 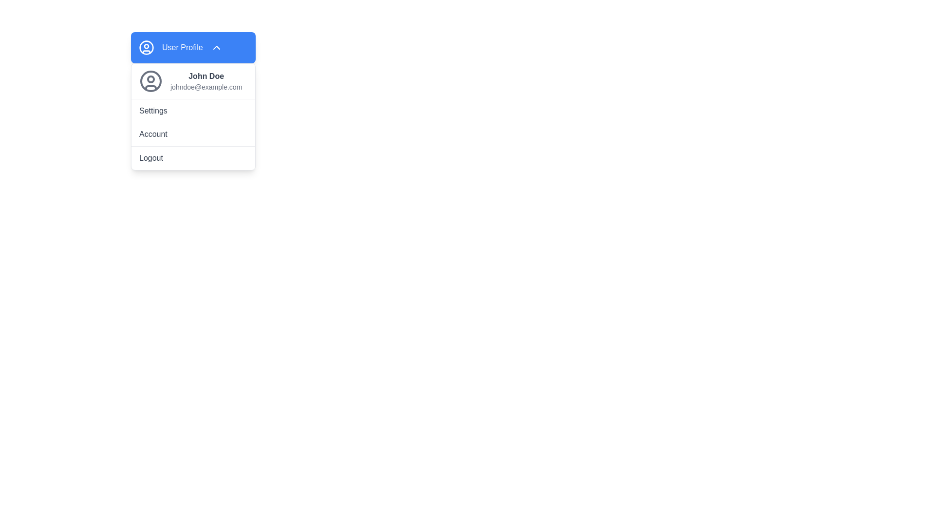 What do you see at coordinates (146, 47) in the screenshot?
I see `the outermost SVG circle that represents a user profile icon in the profile dropdown menu located at the top-left corner of the layout` at bounding box center [146, 47].